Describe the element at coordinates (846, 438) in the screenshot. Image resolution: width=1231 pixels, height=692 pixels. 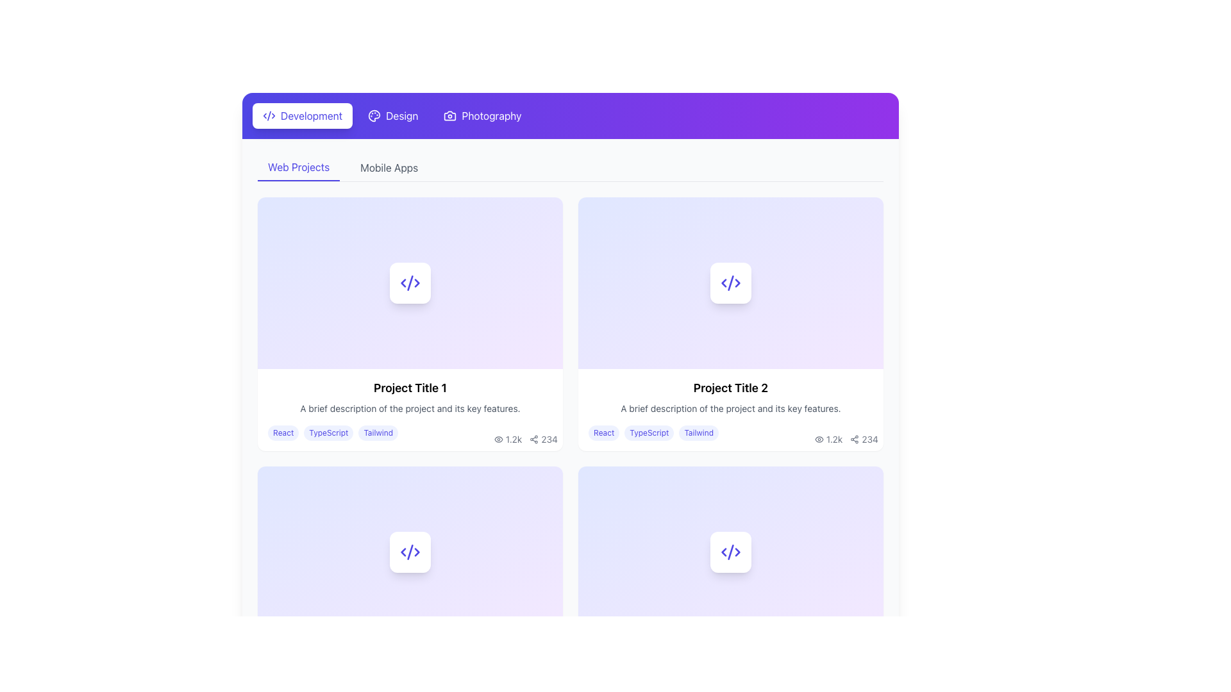
I see `the share icon located in the Metrics display at the bottom-right corner of the card titled 'Project Title 2'` at that location.